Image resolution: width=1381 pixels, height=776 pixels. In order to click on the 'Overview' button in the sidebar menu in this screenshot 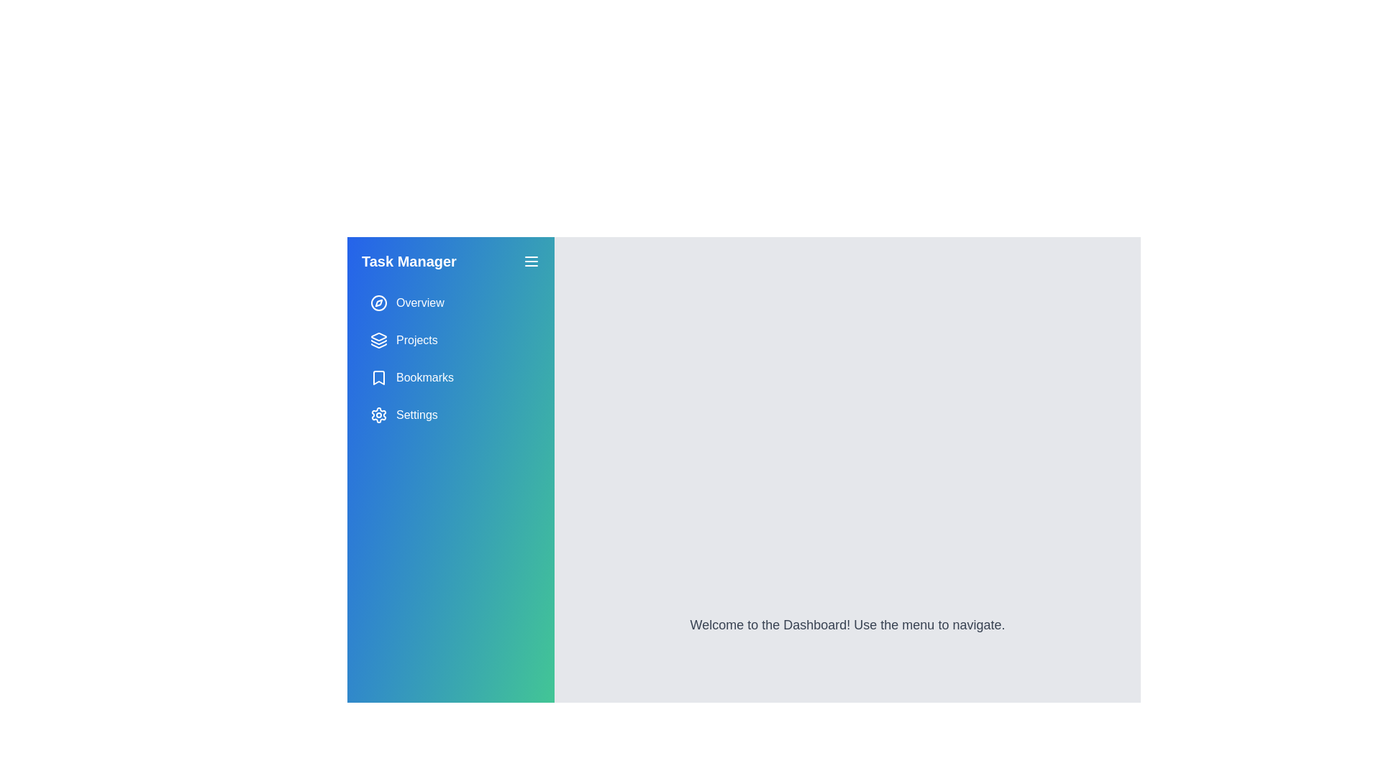, I will do `click(450, 302)`.